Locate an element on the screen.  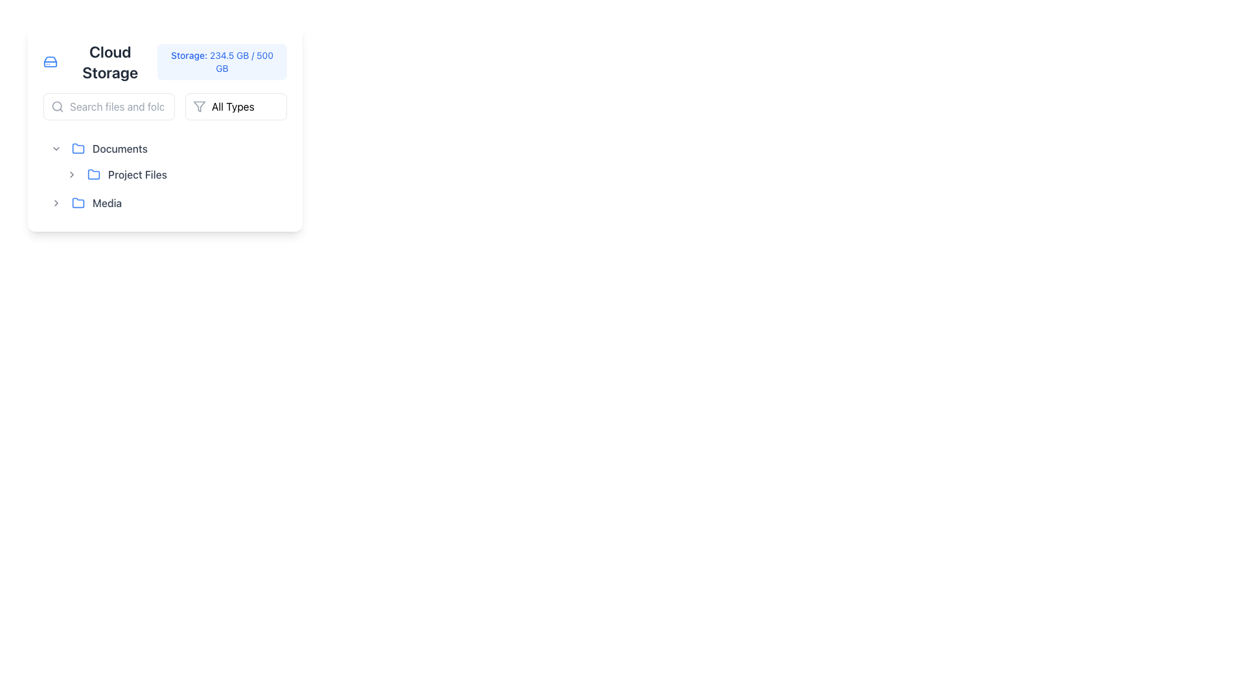
the funnel icon located inside the 'All Types' dropdown button, positioned to the left of the text label is located at coordinates (198, 106).